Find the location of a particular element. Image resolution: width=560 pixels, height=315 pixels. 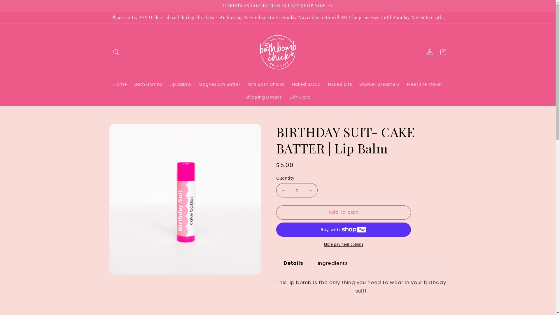

'Cart' is located at coordinates (443, 52).